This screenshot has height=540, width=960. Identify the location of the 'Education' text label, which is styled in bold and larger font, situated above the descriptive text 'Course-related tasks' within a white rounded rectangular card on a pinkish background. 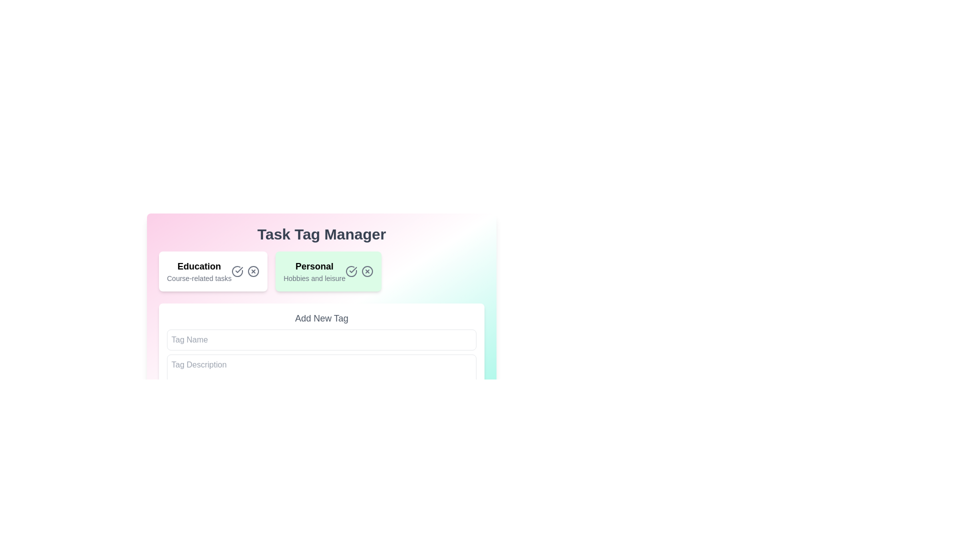
(199, 265).